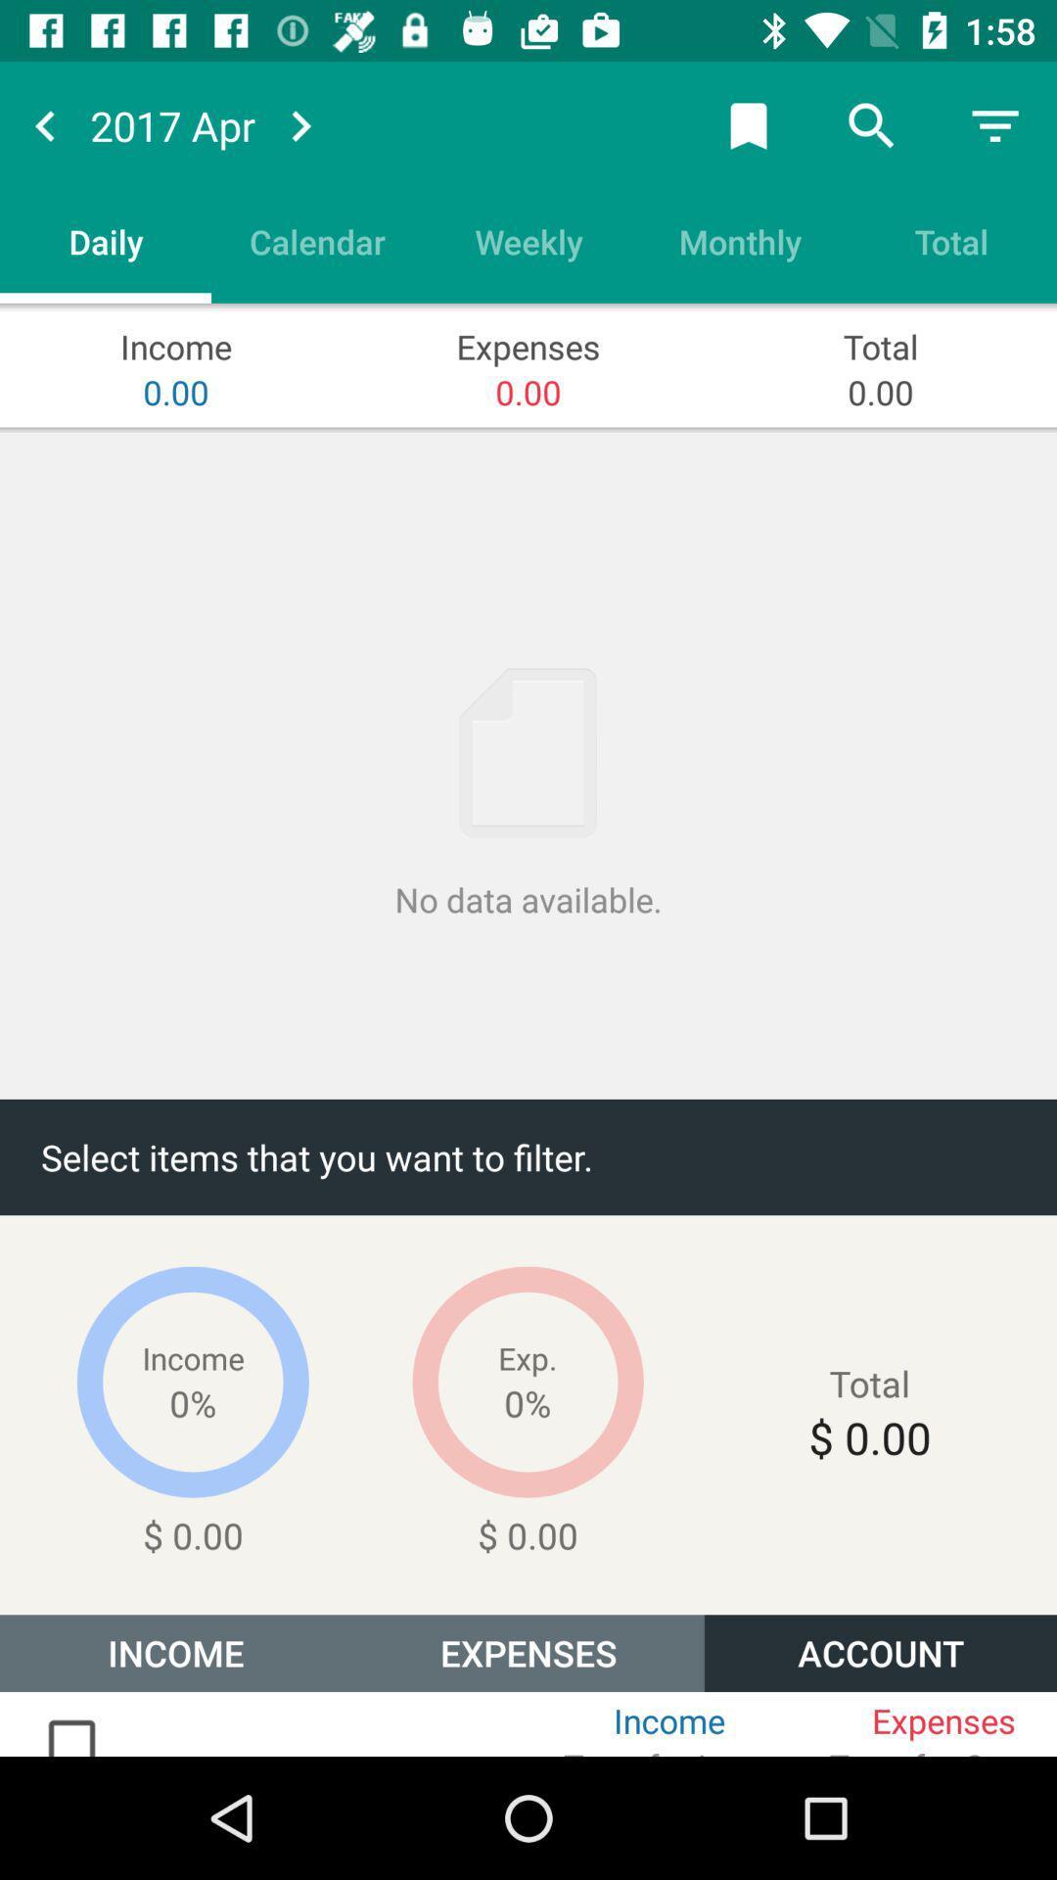 Image resolution: width=1057 pixels, height=1880 pixels. Describe the element at coordinates (748, 124) in the screenshot. I see `the bookmark icon` at that location.